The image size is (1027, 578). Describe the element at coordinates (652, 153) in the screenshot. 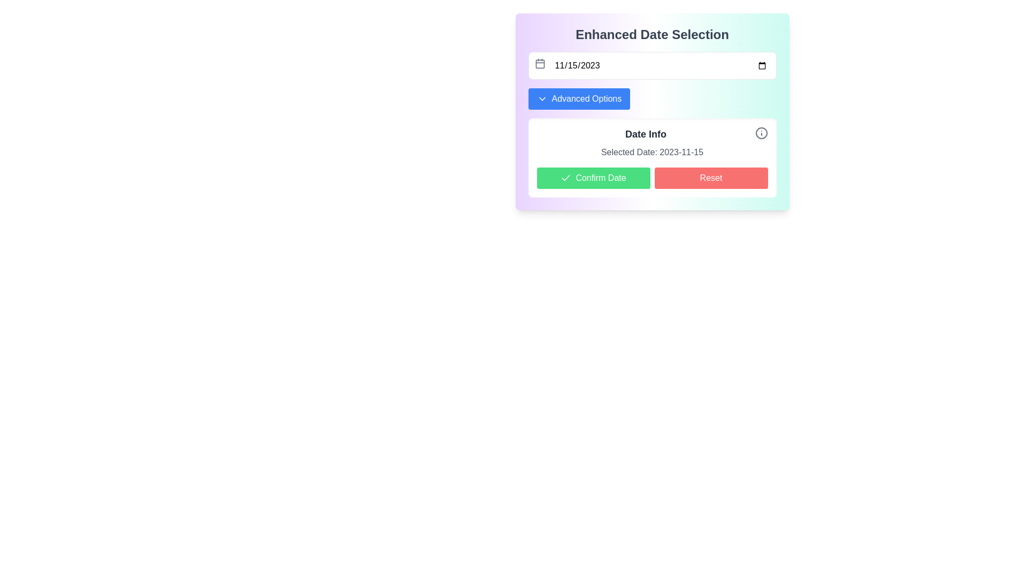

I see `the static text display that reads 'Selected Date: 2023-11-15', which is styled in gray and located under the 'Date Info' heading` at that location.